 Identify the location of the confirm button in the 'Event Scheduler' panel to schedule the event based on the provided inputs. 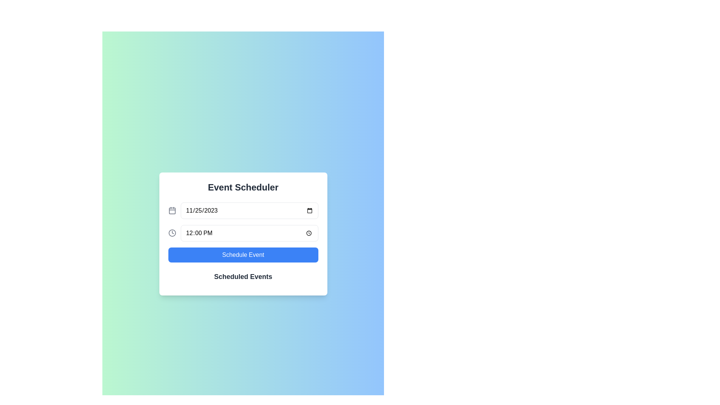
(243, 254).